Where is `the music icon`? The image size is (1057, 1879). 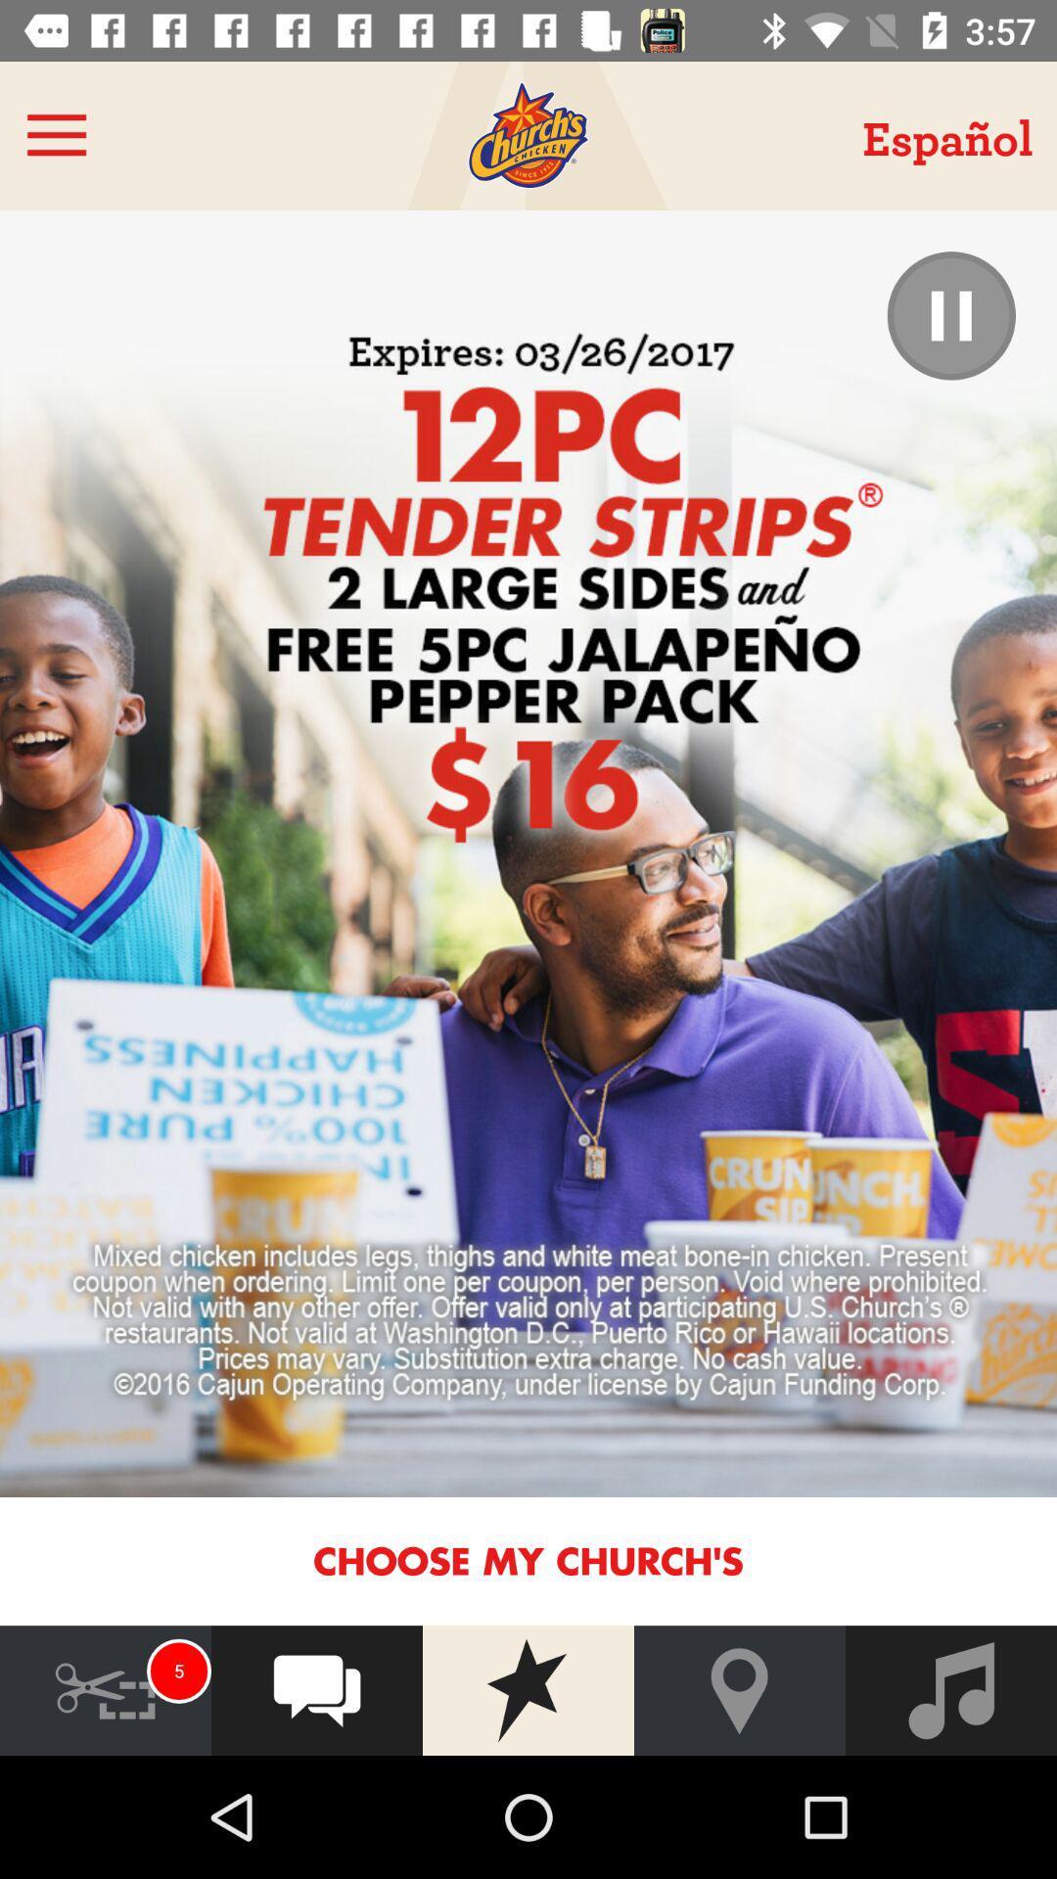 the music icon is located at coordinates (950, 1689).